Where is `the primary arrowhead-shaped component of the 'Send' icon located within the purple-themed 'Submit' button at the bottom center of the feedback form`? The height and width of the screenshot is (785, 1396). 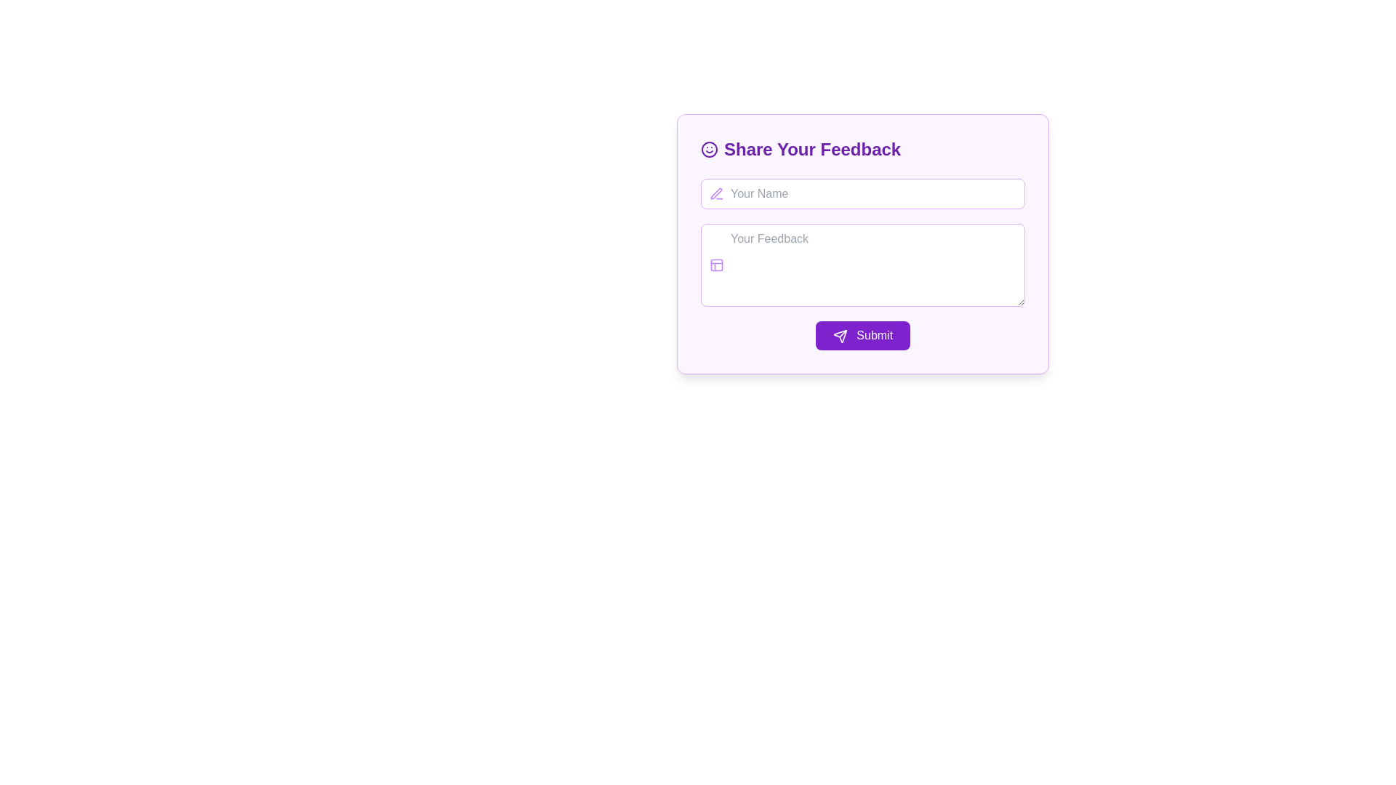
the primary arrowhead-shaped component of the 'Send' icon located within the purple-themed 'Submit' button at the bottom center of the feedback form is located at coordinates (840, 336).